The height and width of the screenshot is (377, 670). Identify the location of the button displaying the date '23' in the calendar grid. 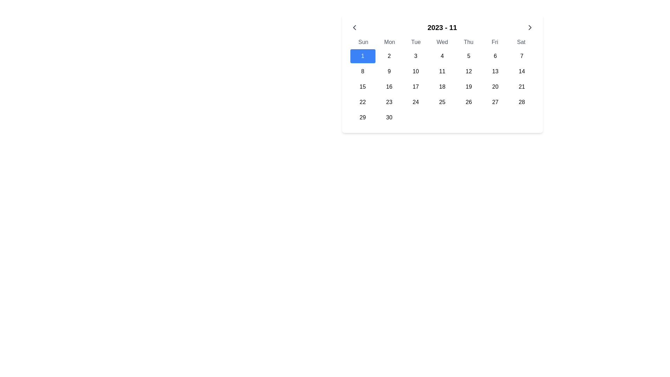
(389, 102).